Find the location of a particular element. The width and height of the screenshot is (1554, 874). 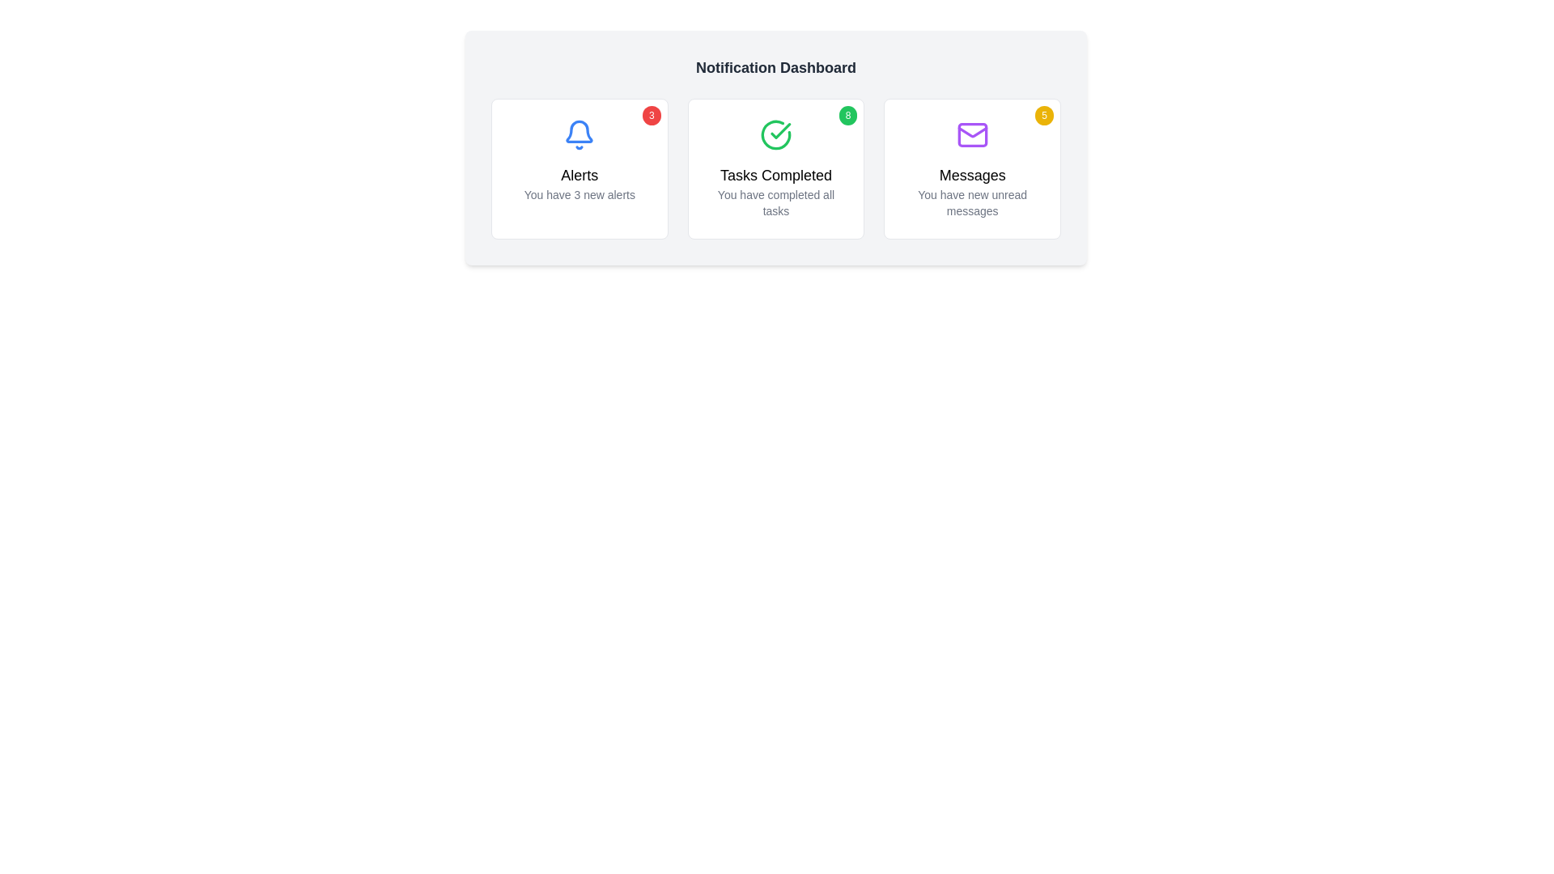

the count displayed on the badge located at the top-right corner of the 'Messages' card in the 'Notification Dashboard' interface is located at coordinates (1044, 114).